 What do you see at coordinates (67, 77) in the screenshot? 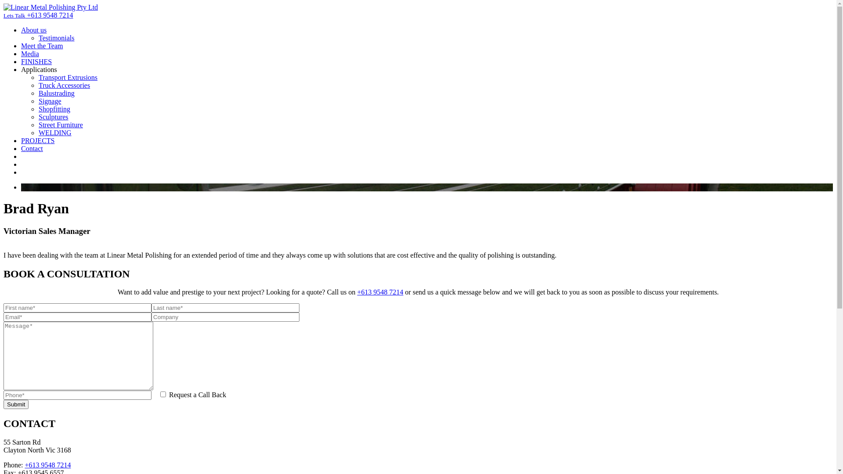
I see `'Transport Extrusions'` at bounding box center [67, 77].